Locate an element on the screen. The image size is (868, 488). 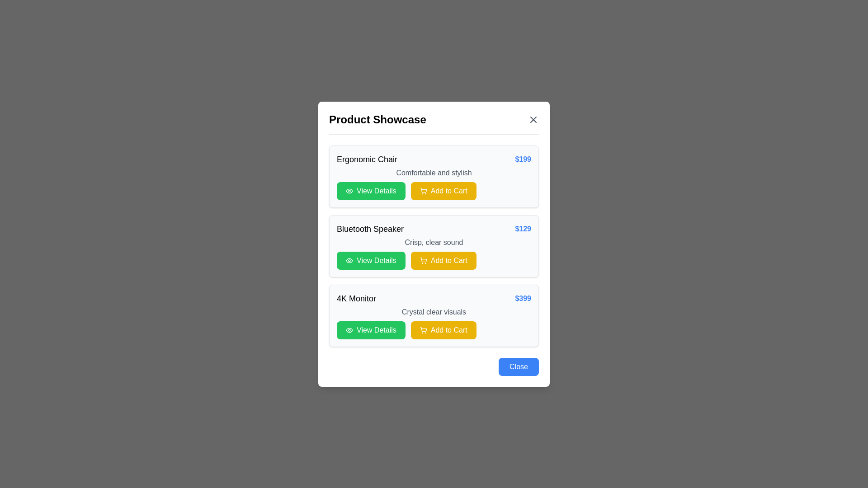
the 'Ergonomic Chair' text label, which serves as the main title of the first product item in the modal is located at coordinates (367, 159).